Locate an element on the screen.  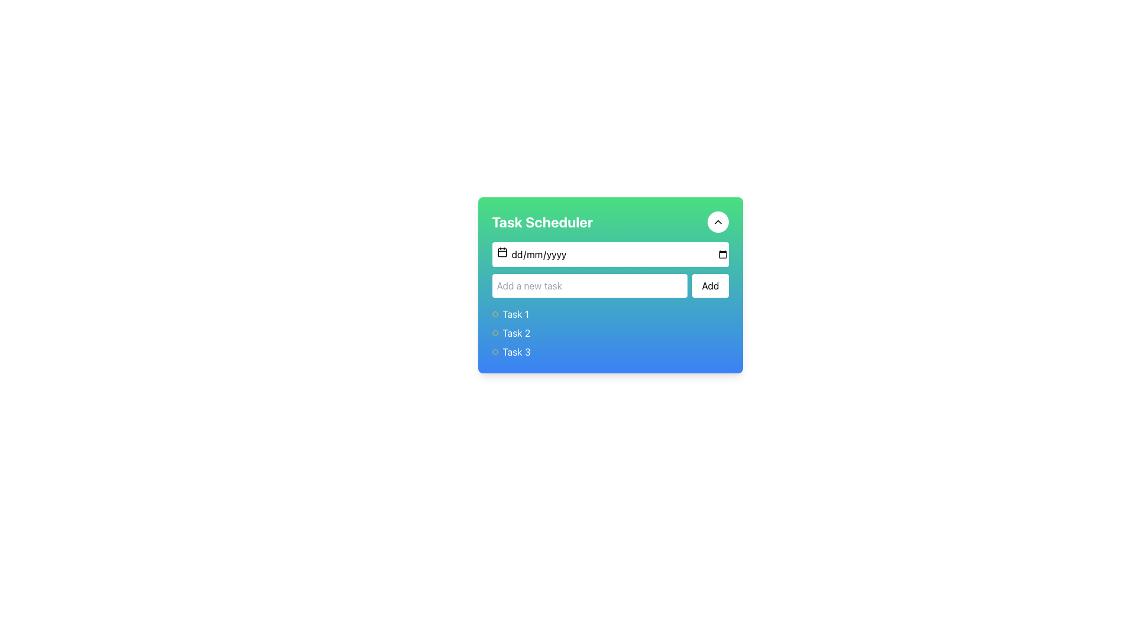
the third task entry in the 'Task Scheduler' list is located at coordinates (610, 351).